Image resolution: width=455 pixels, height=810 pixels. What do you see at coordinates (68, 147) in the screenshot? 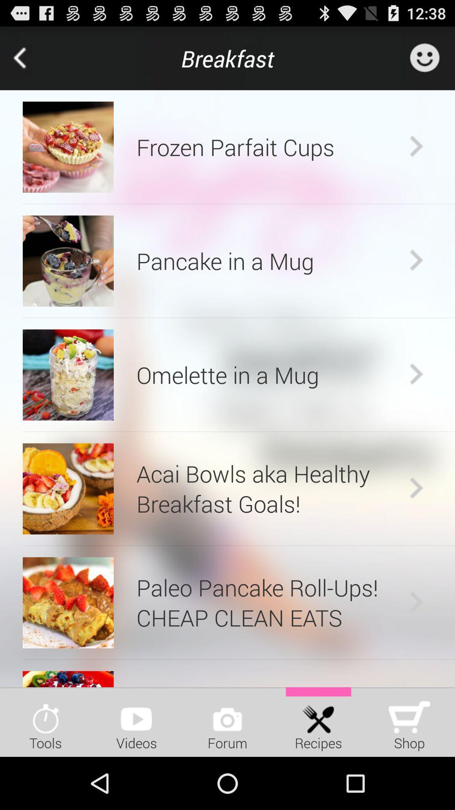
I see `icon next to frozen parfait cups` at bounding box center [68, 147].